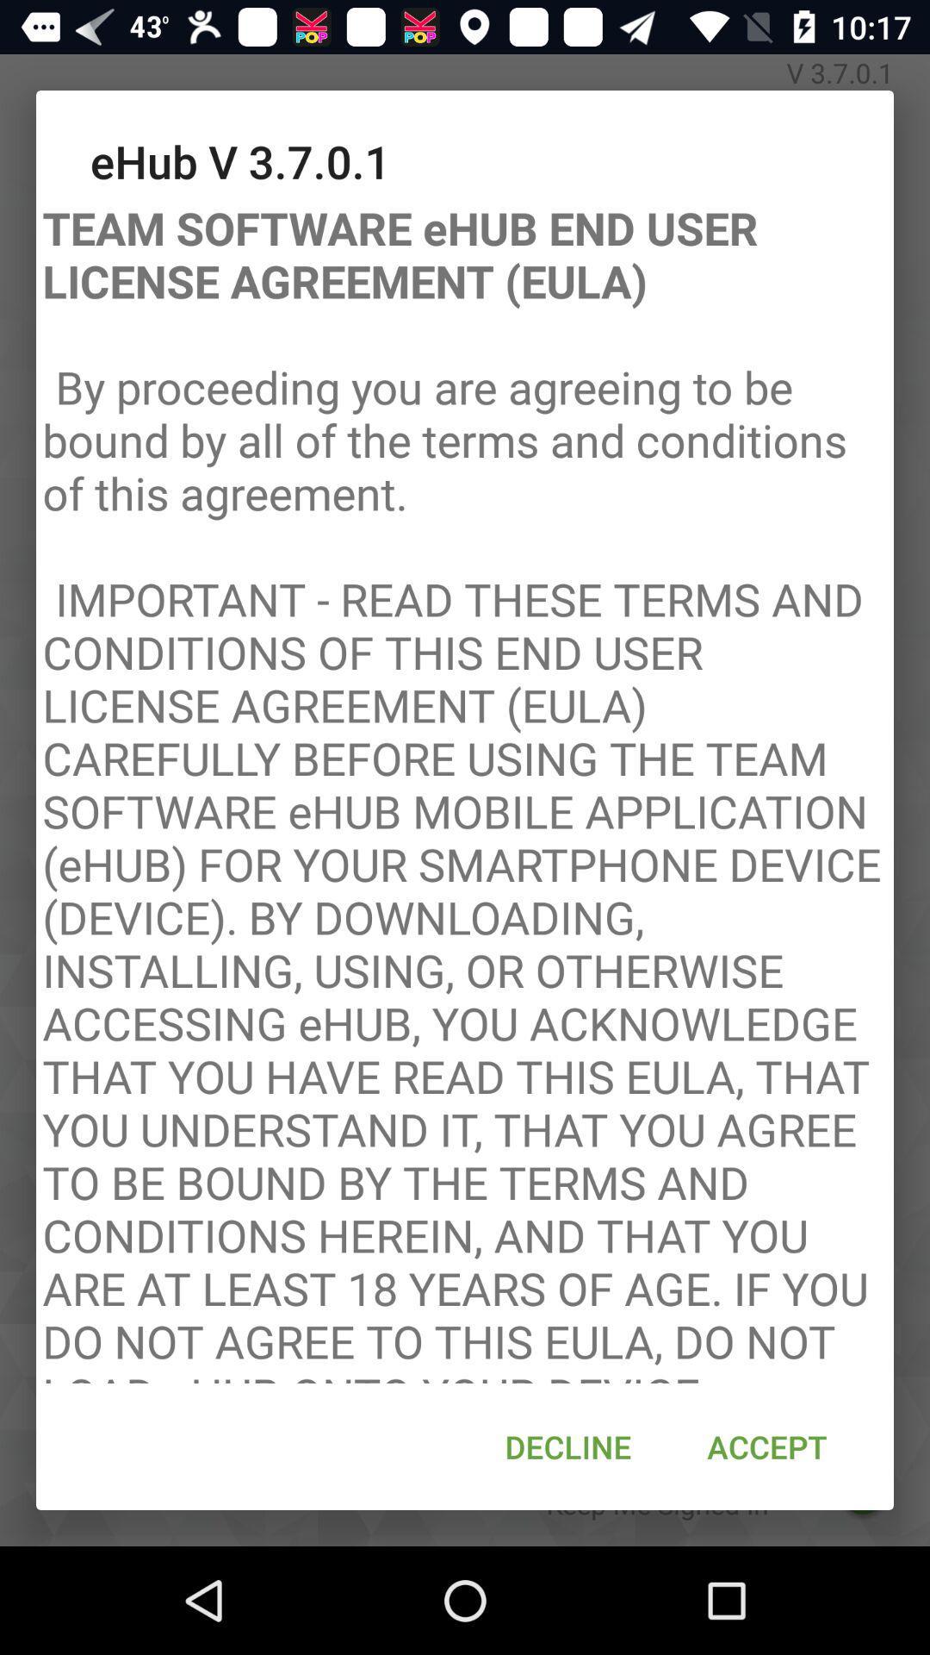  I want to click on the icon next to decline item, so click(766, 1446).